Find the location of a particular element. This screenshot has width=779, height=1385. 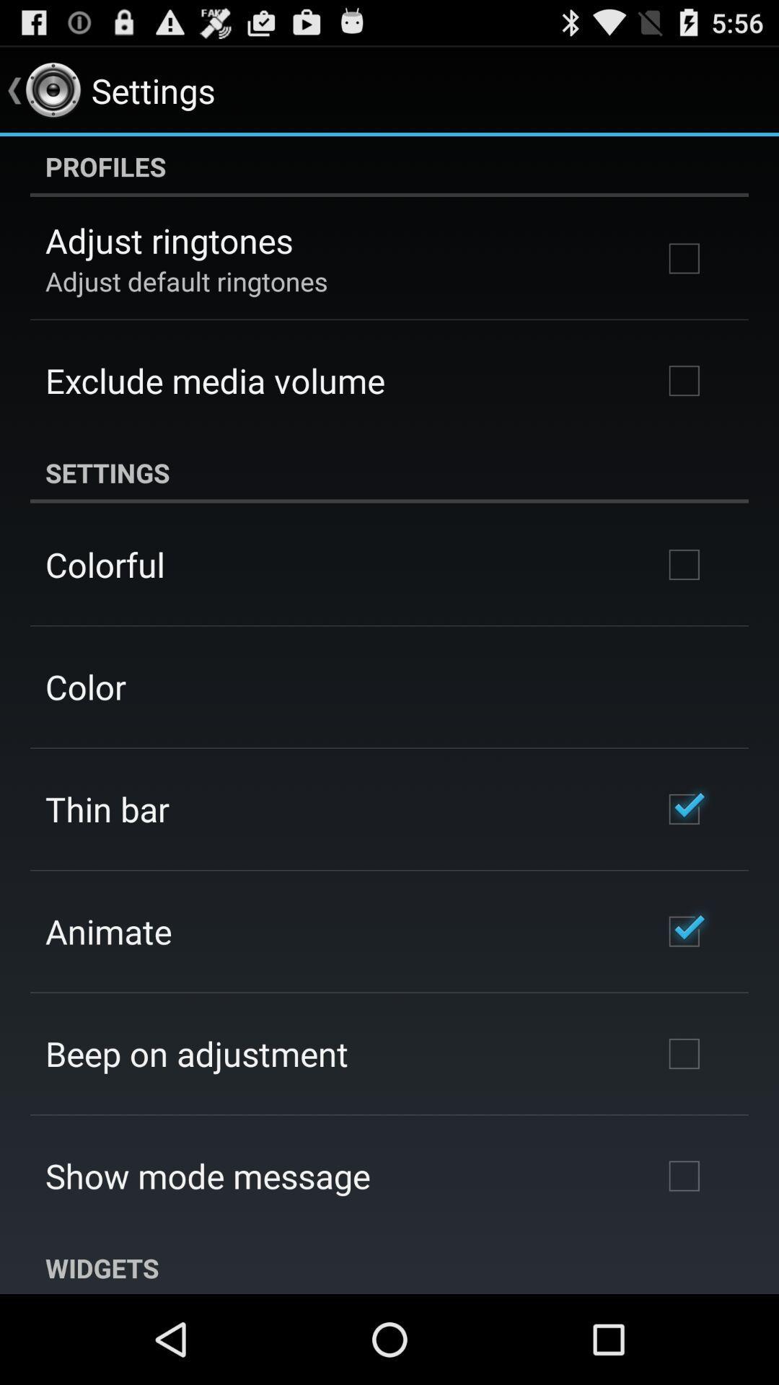

the widgets is located at coordinates (389, 1265).